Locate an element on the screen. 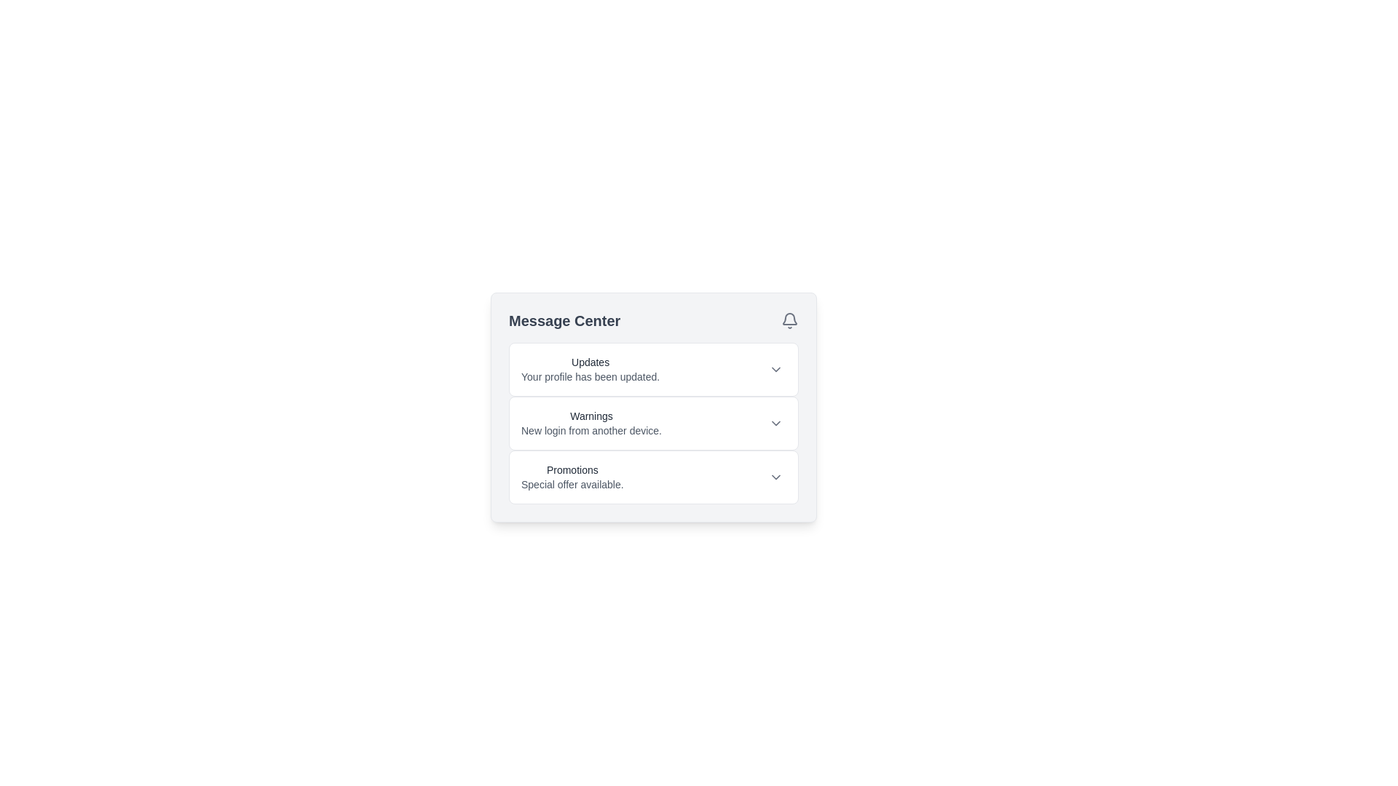 The width and height of the screenshot is (1398, 786). text label that says 'Special offer available.' located at the bottom of the 'Promotions' section in the Message Center interface is located at coordinates (572, 485).